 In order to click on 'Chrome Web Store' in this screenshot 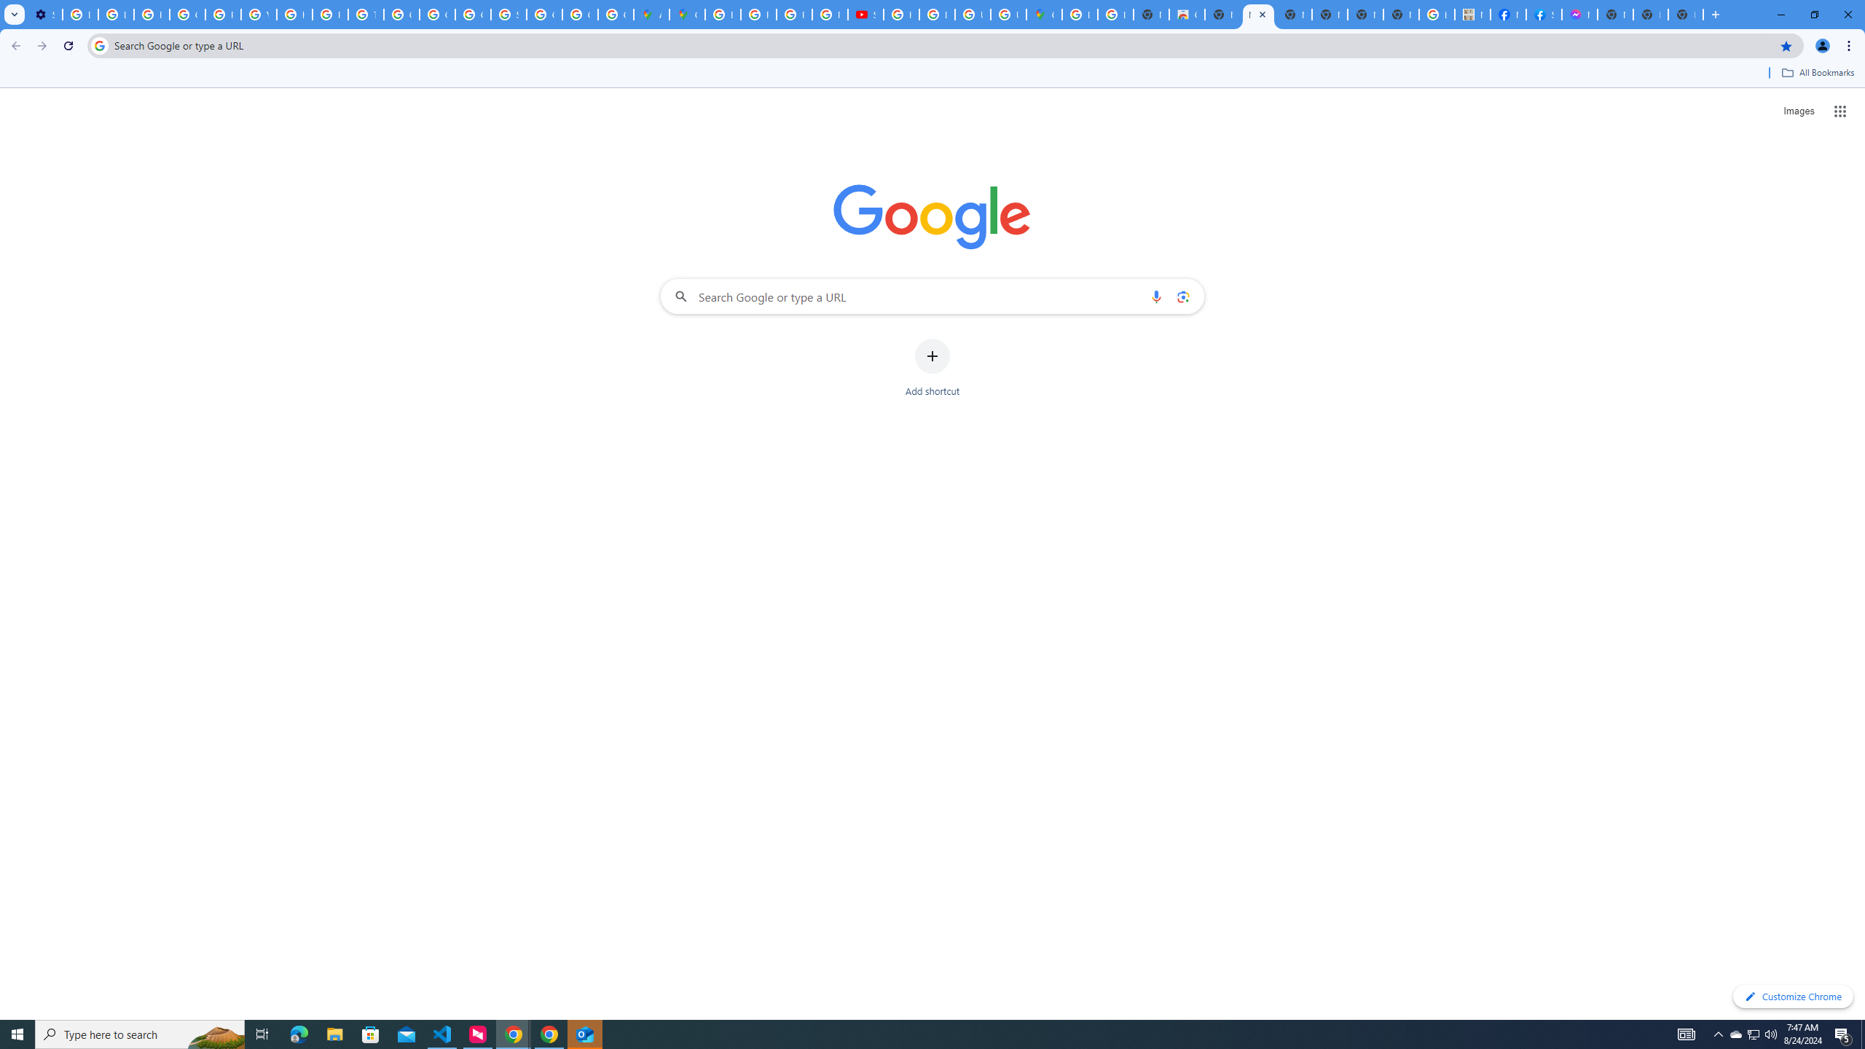, I will do `click(1186, 14)`.